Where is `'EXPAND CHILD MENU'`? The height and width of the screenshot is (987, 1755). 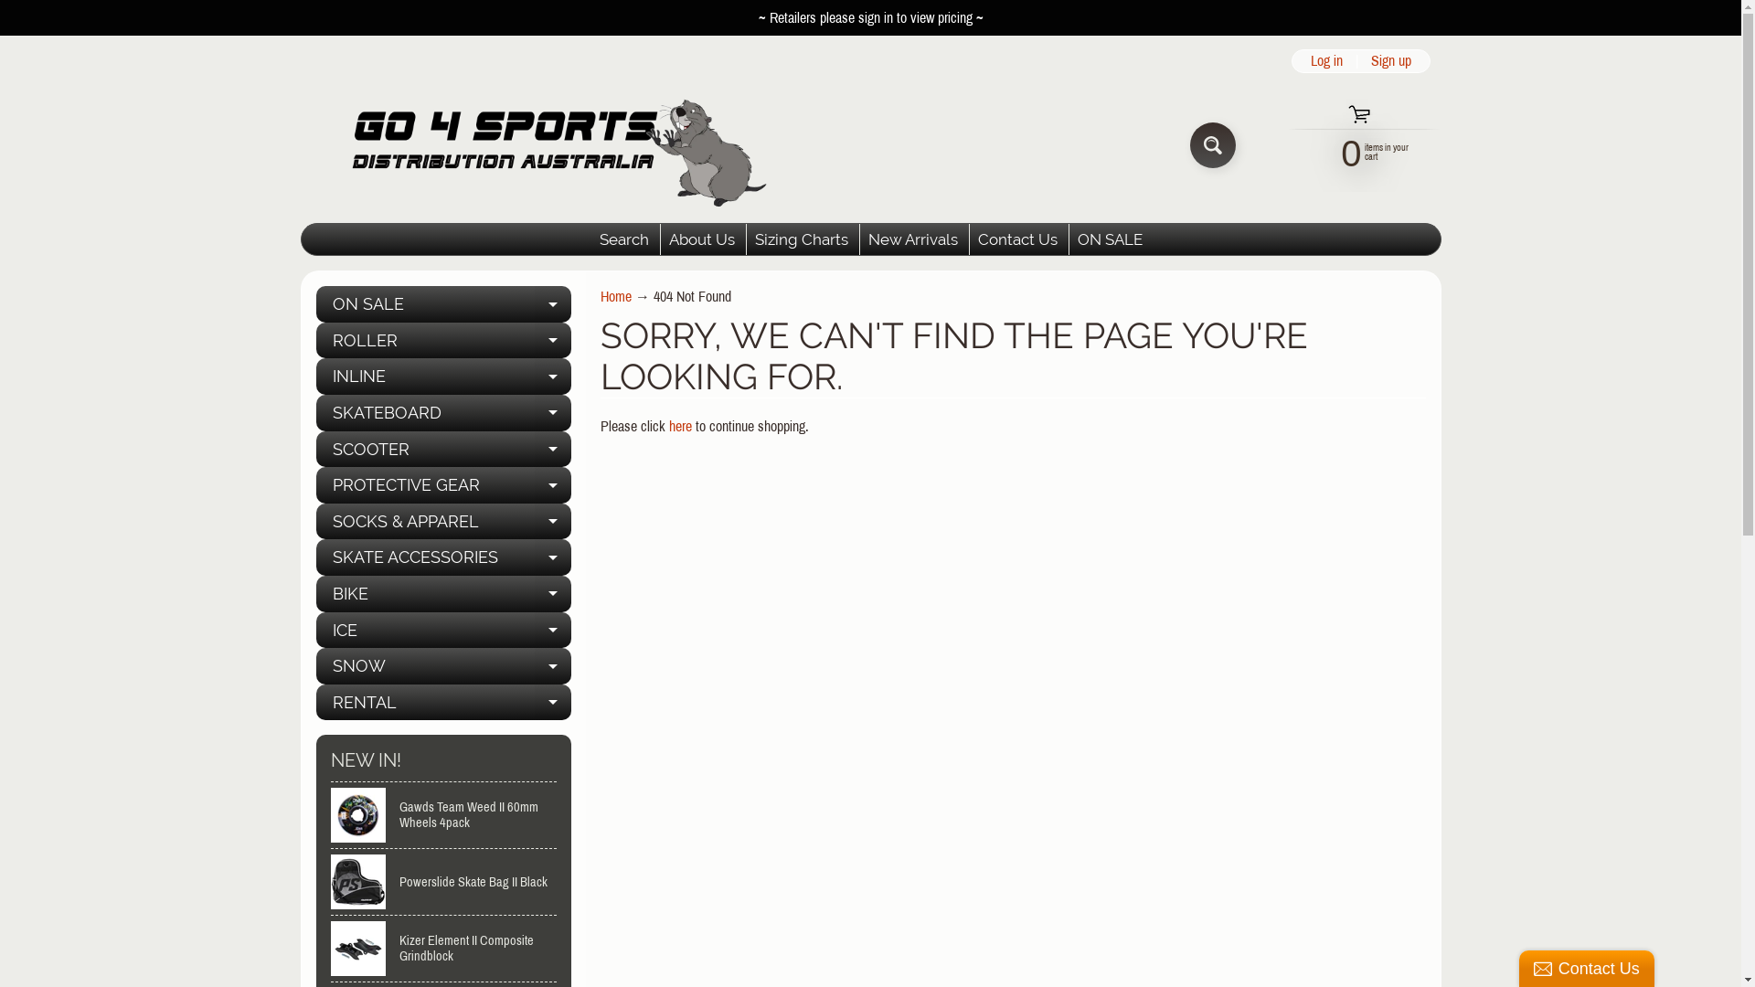
'EXPAND CHILD MENU' is located at coordinates (551, 302).